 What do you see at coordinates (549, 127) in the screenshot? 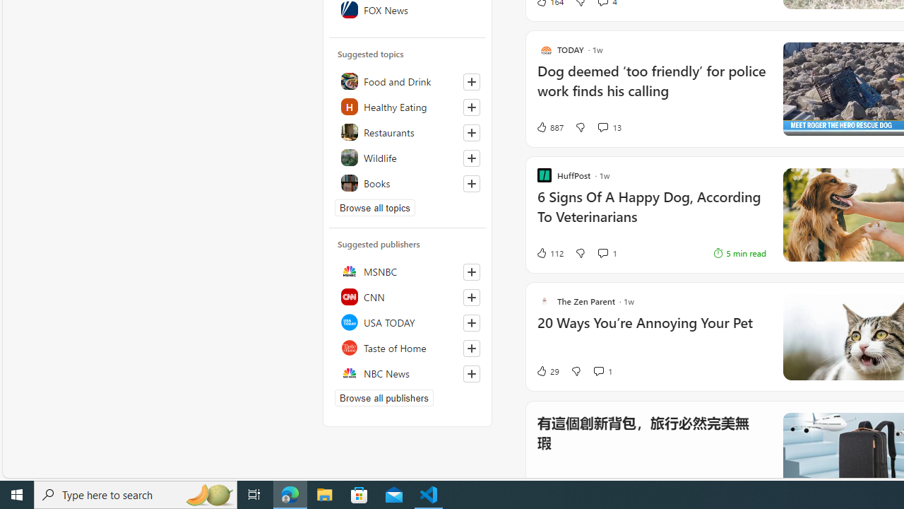
I see `'887 Like'` at bounding box center [549, 127].